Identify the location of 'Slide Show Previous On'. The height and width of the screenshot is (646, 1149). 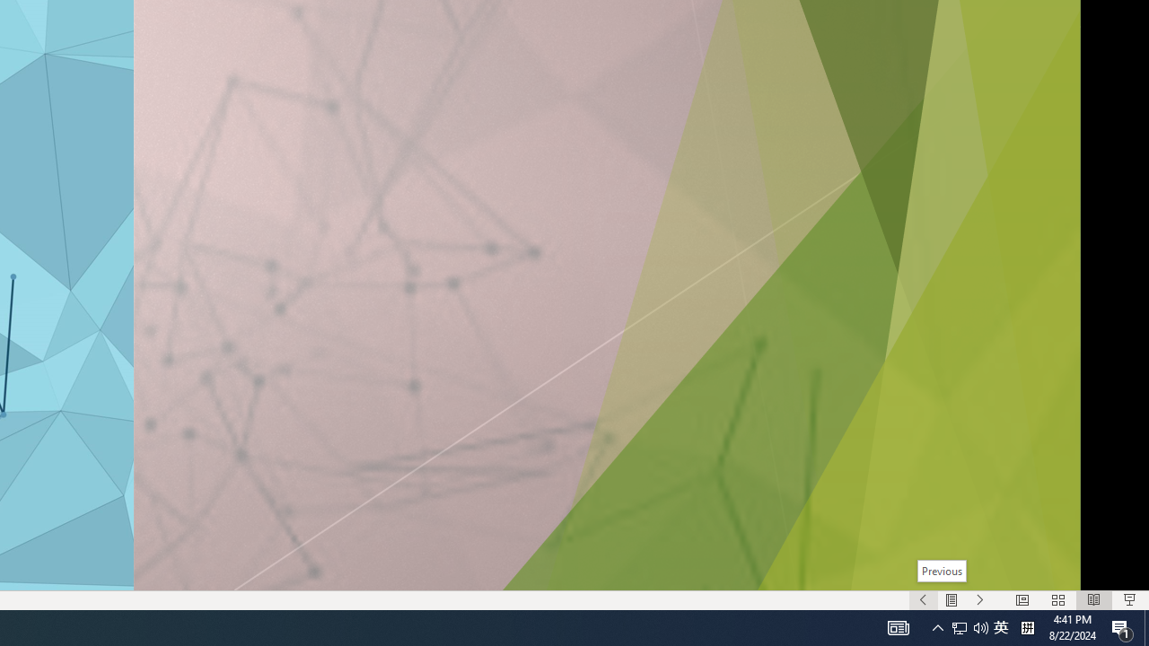
(923, 600).